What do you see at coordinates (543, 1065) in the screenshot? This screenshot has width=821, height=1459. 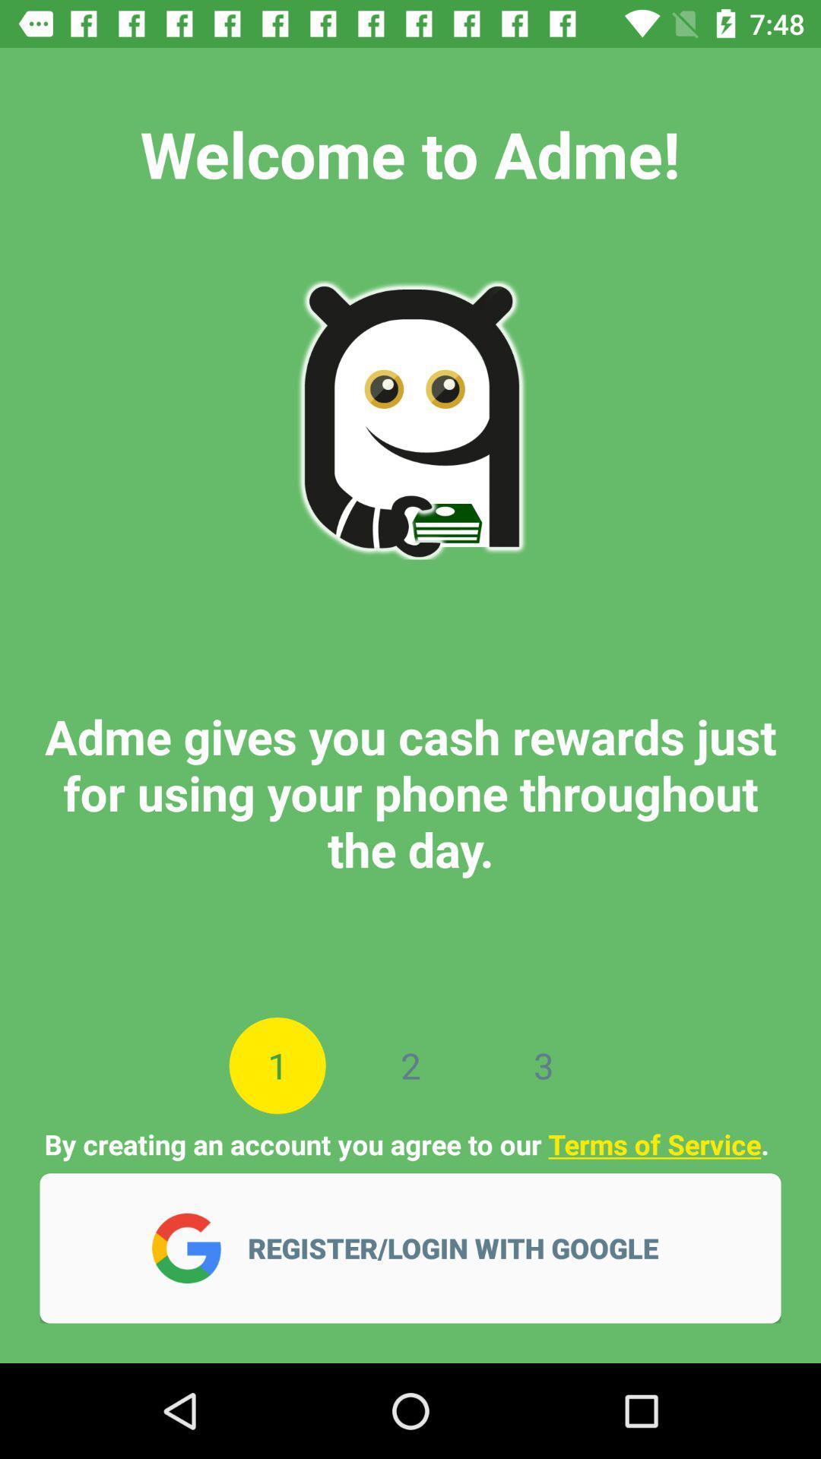 I see `icon next to 2 icon` at bounding box center [543, 1065].